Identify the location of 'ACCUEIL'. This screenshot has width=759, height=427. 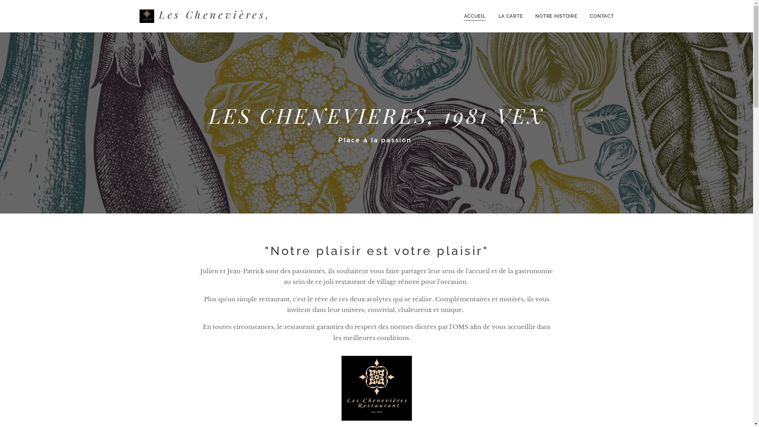
(476, 16).